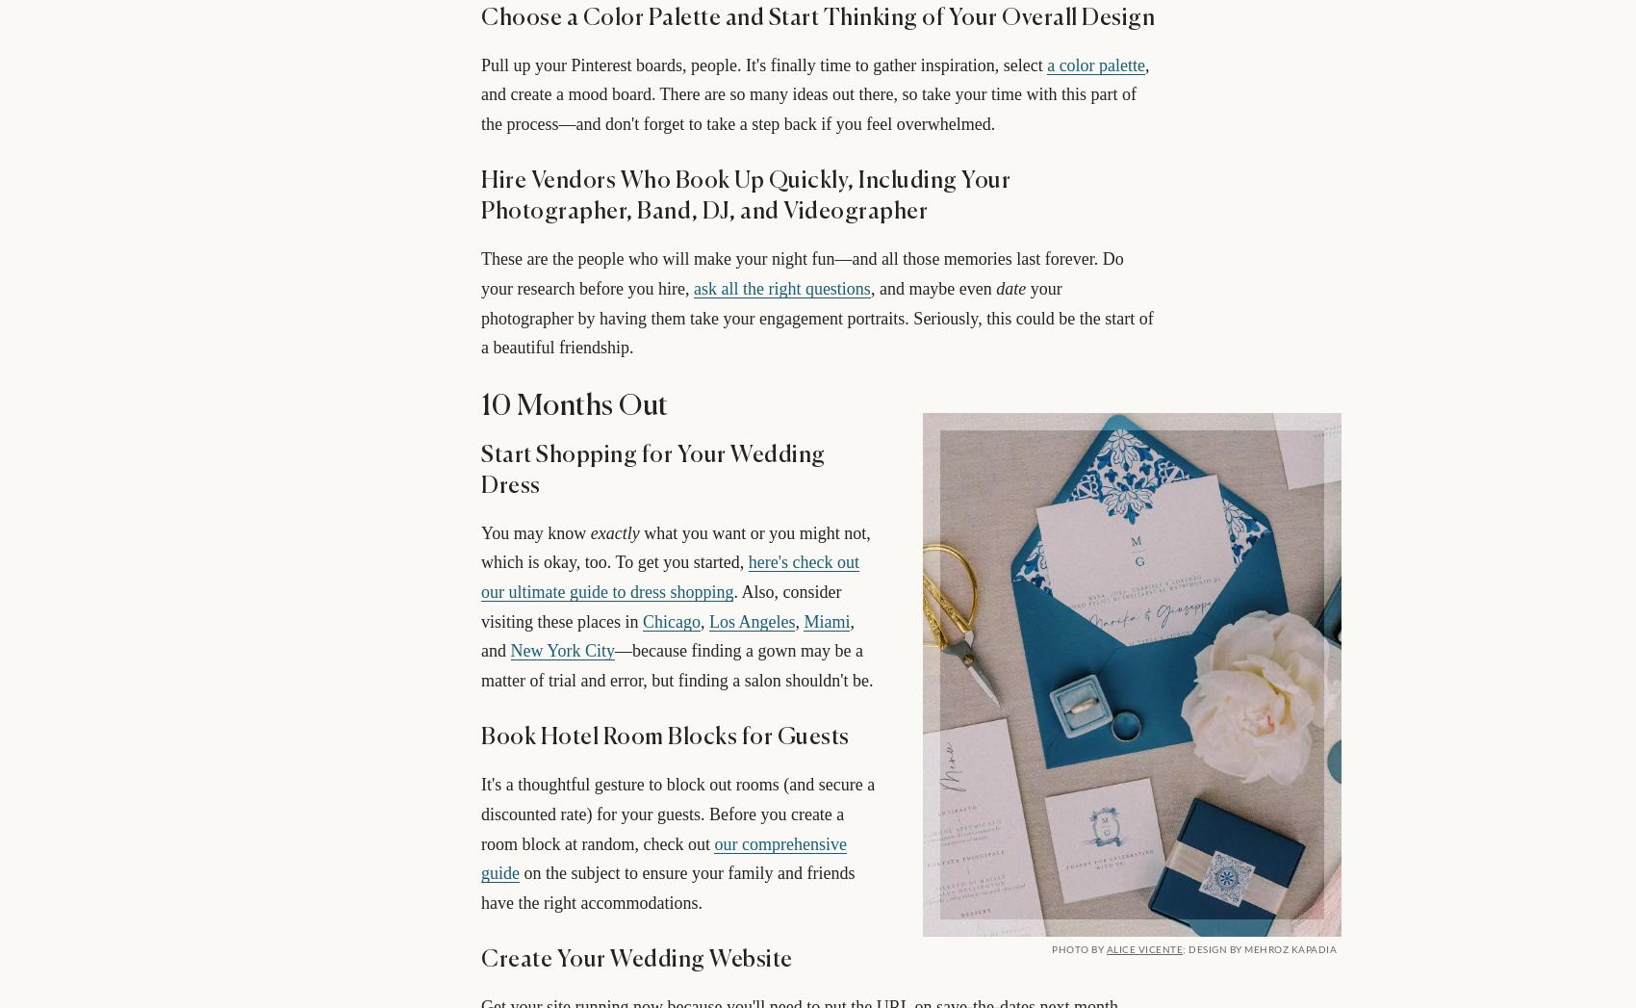 The width and height of the screenshot is (1636, 1008). What do you see at coordinates (763, 65) in the screenshot?
I see `'Pull up your Pinterest boards, people. It's finally time to gather inspiration, select'` at bounding box center [763, 65].